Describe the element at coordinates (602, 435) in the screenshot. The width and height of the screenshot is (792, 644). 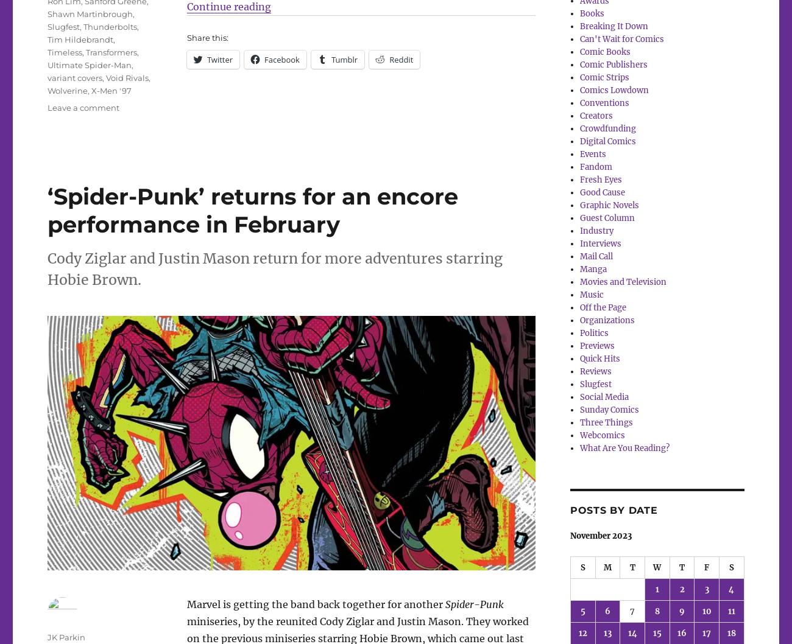
I see `'Webcomics'` at that location.